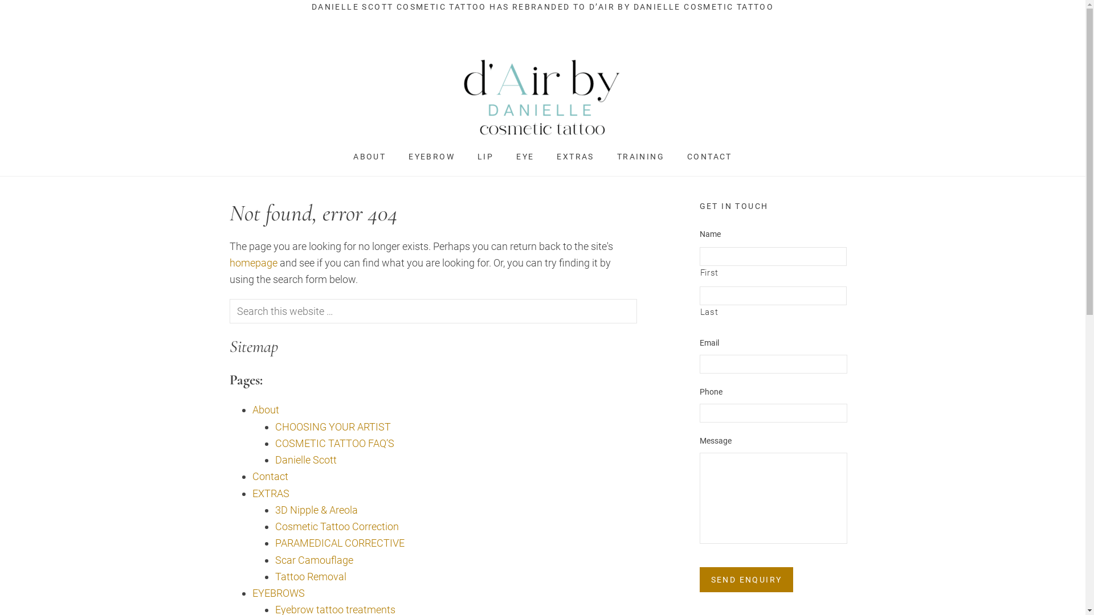 The image size is (1094, 615). Describe the element at coordinates (313, 559) in the screenshot. I see `'Scar Camouflage'` at that location.